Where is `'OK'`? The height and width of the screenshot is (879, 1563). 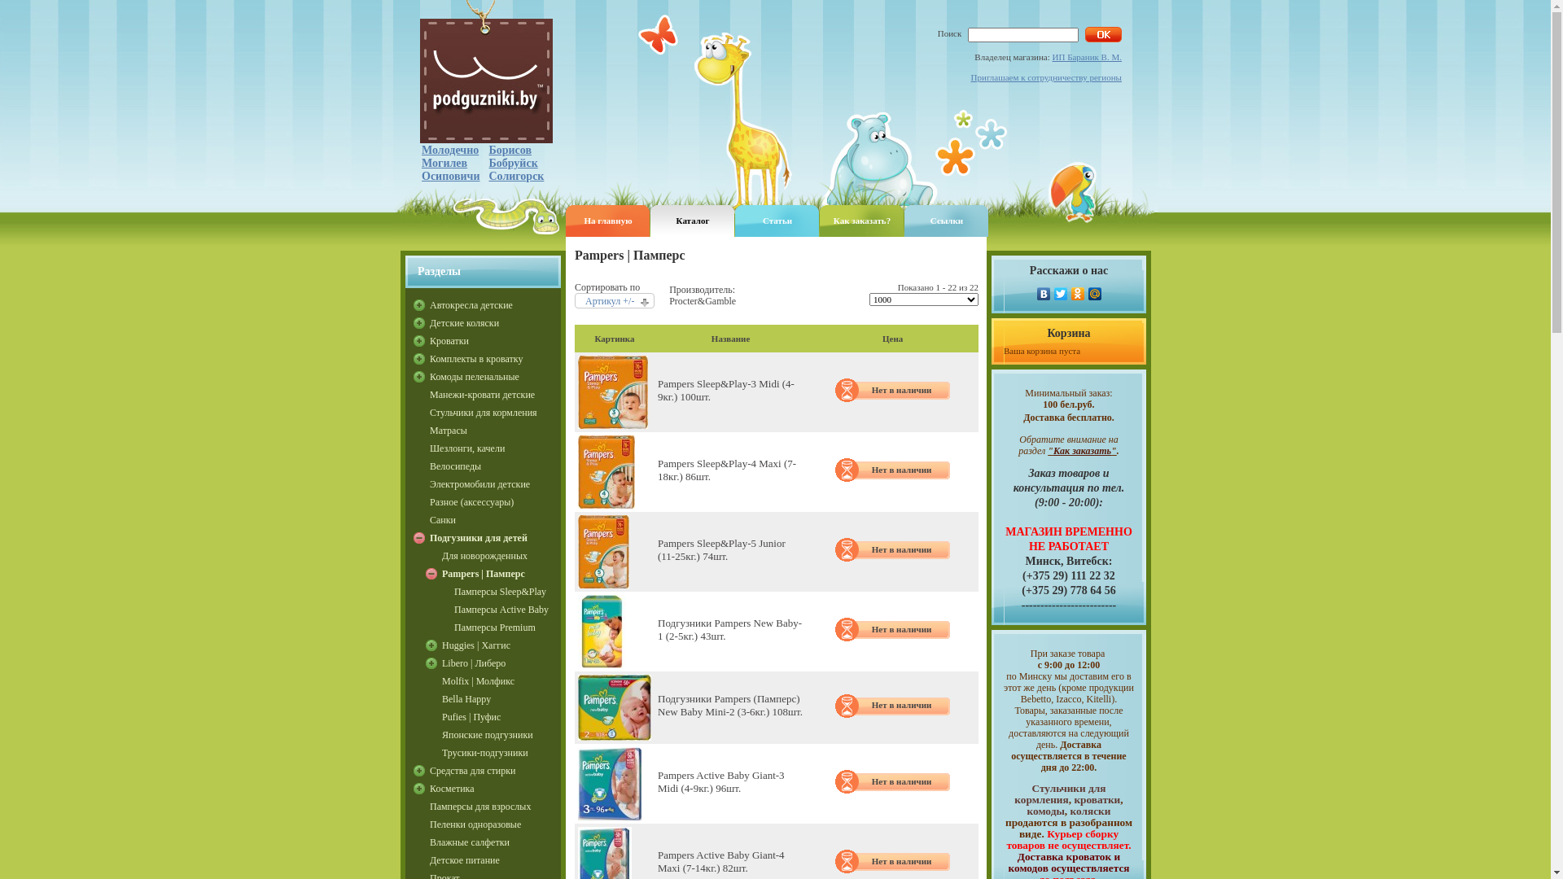
'OK' is located at coordinates (1103, 34).